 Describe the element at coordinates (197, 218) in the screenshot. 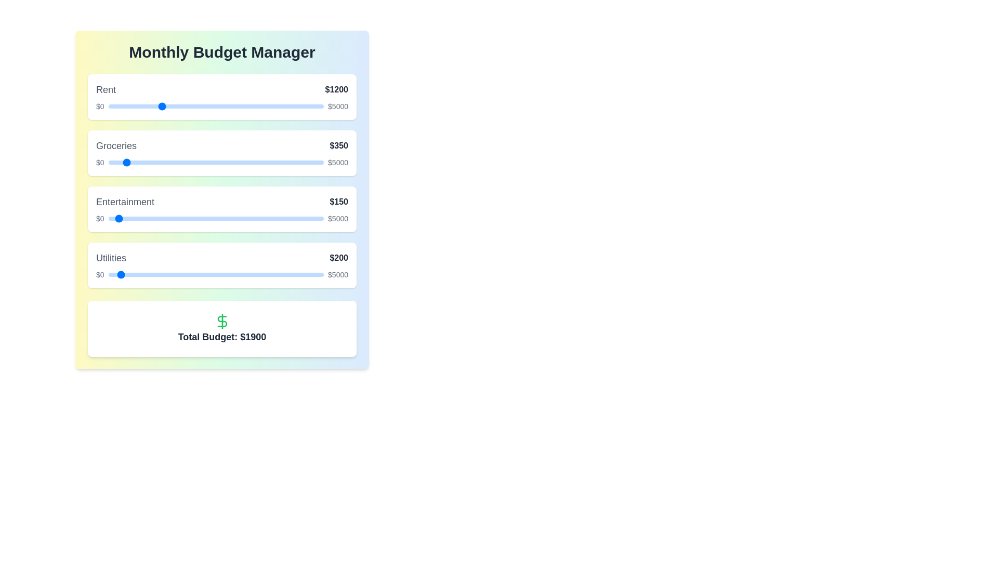

I see `the Entertainment budget` at that location.